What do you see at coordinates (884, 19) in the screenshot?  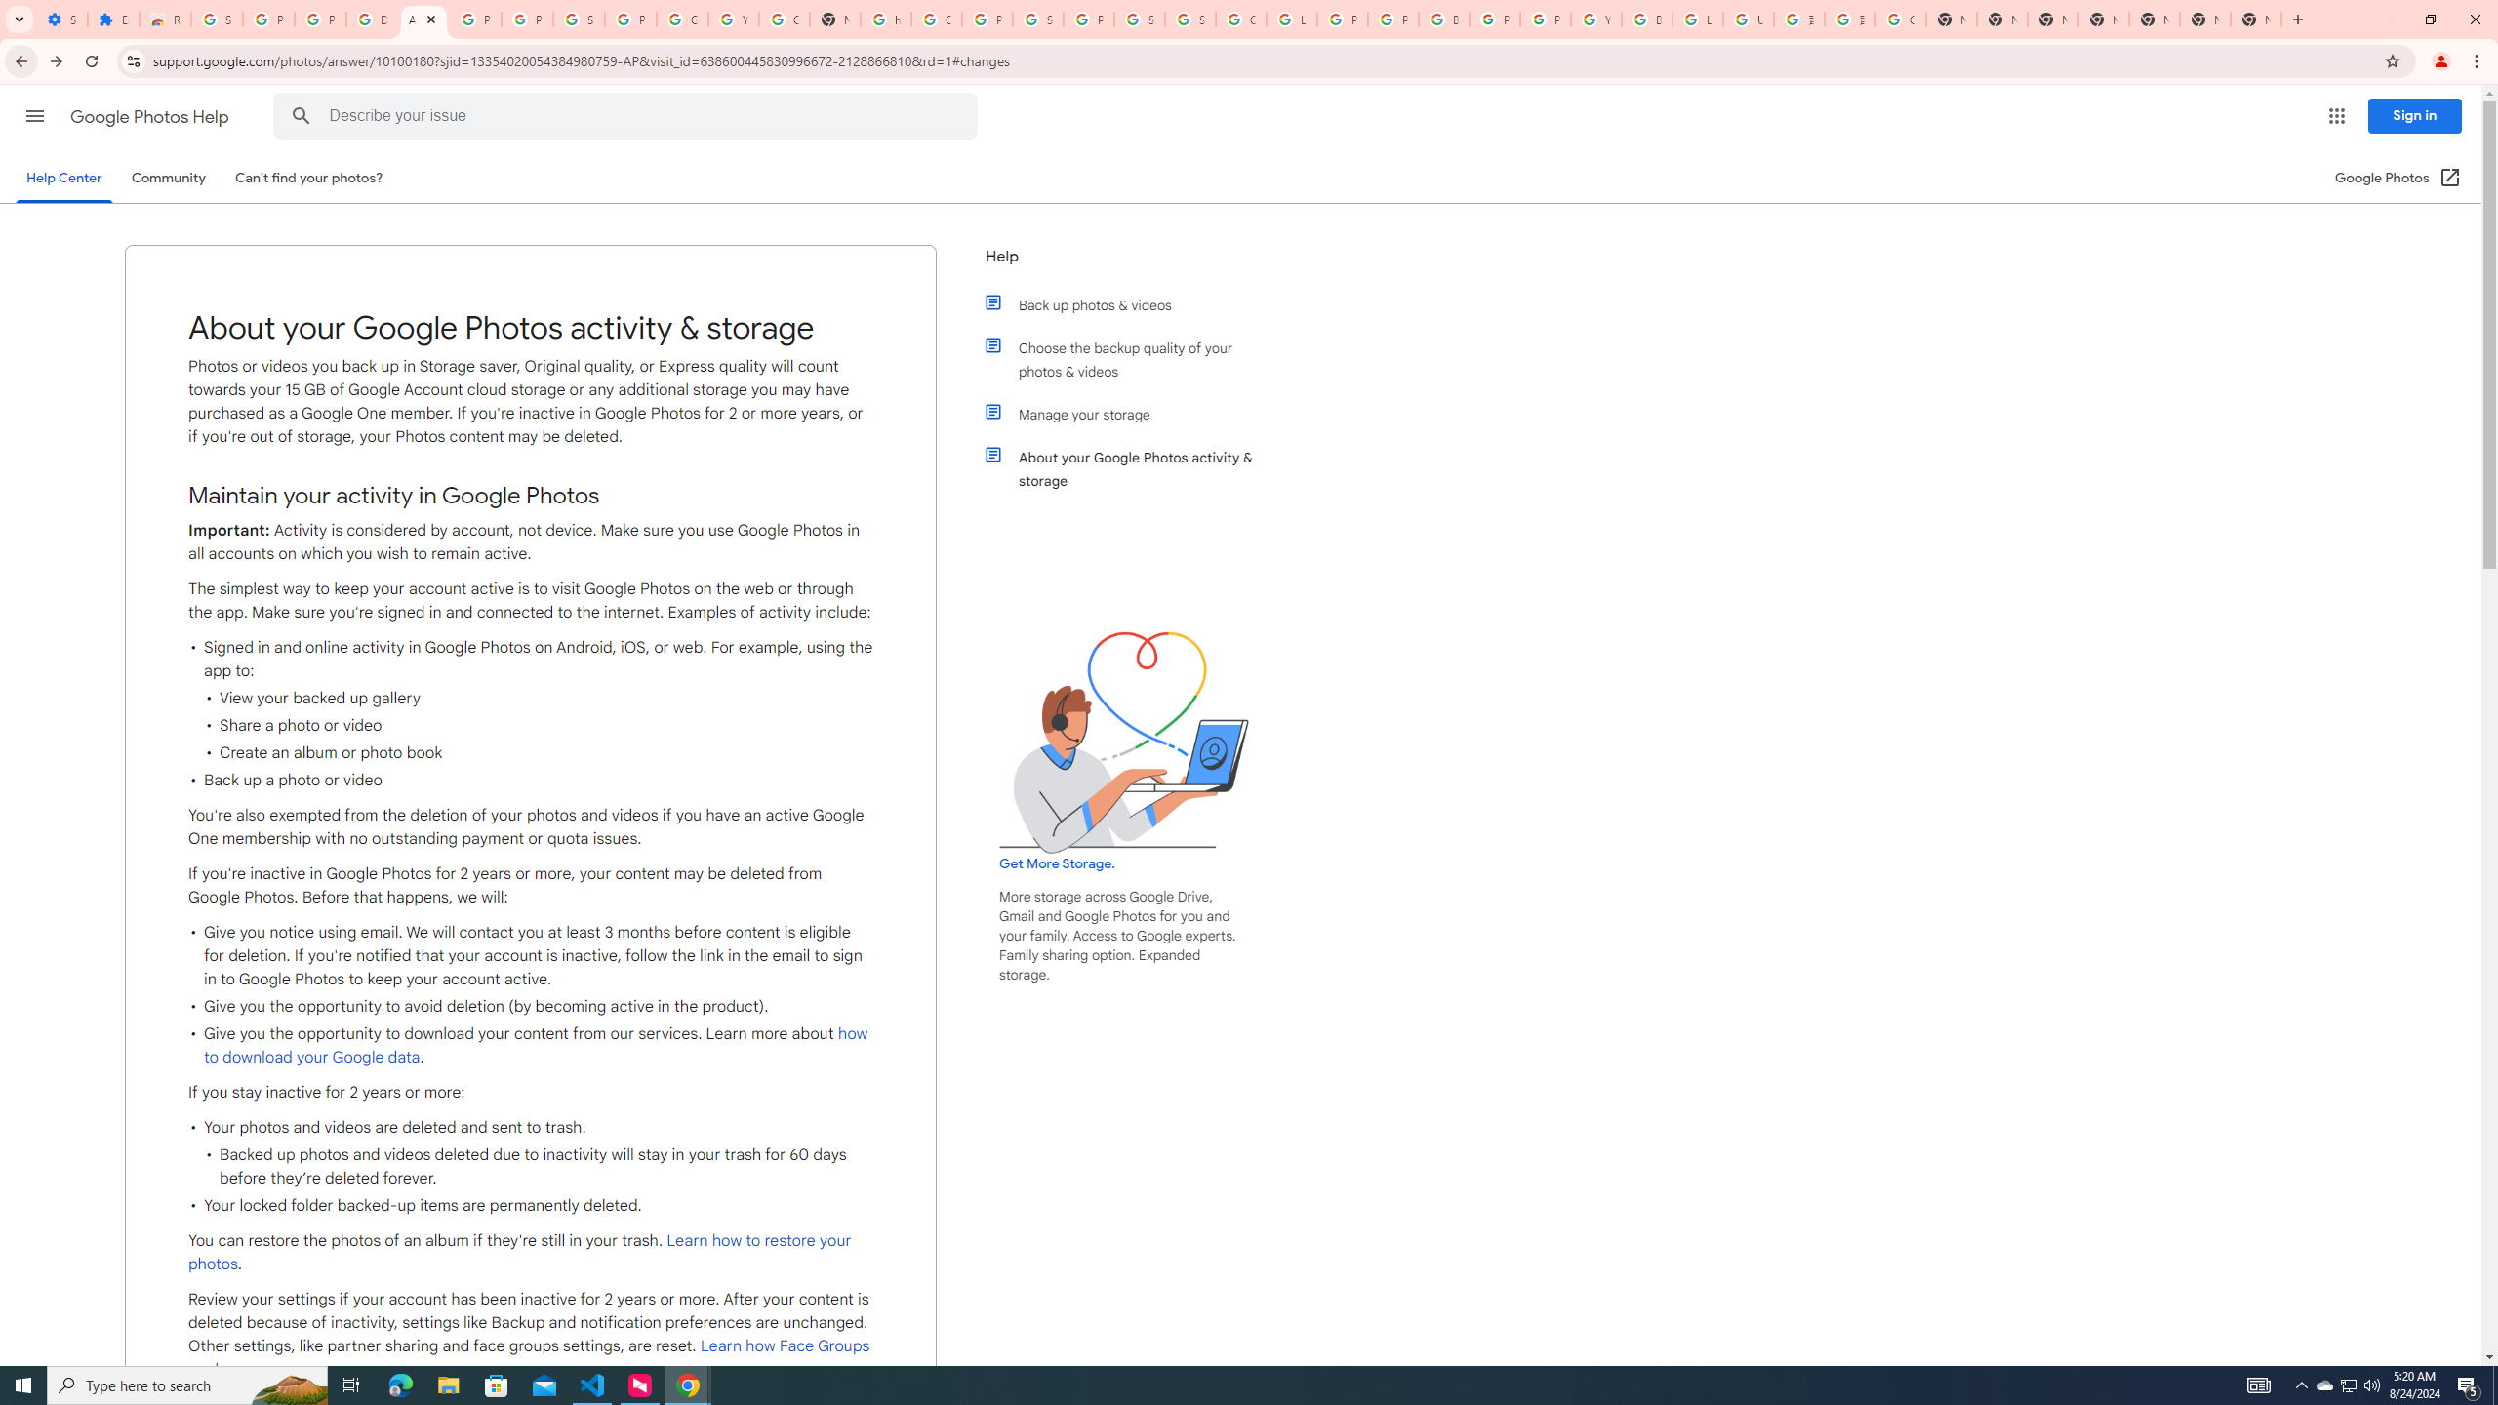 I see `'https://scholar.google.com/'` at bounding box center [884, 19].